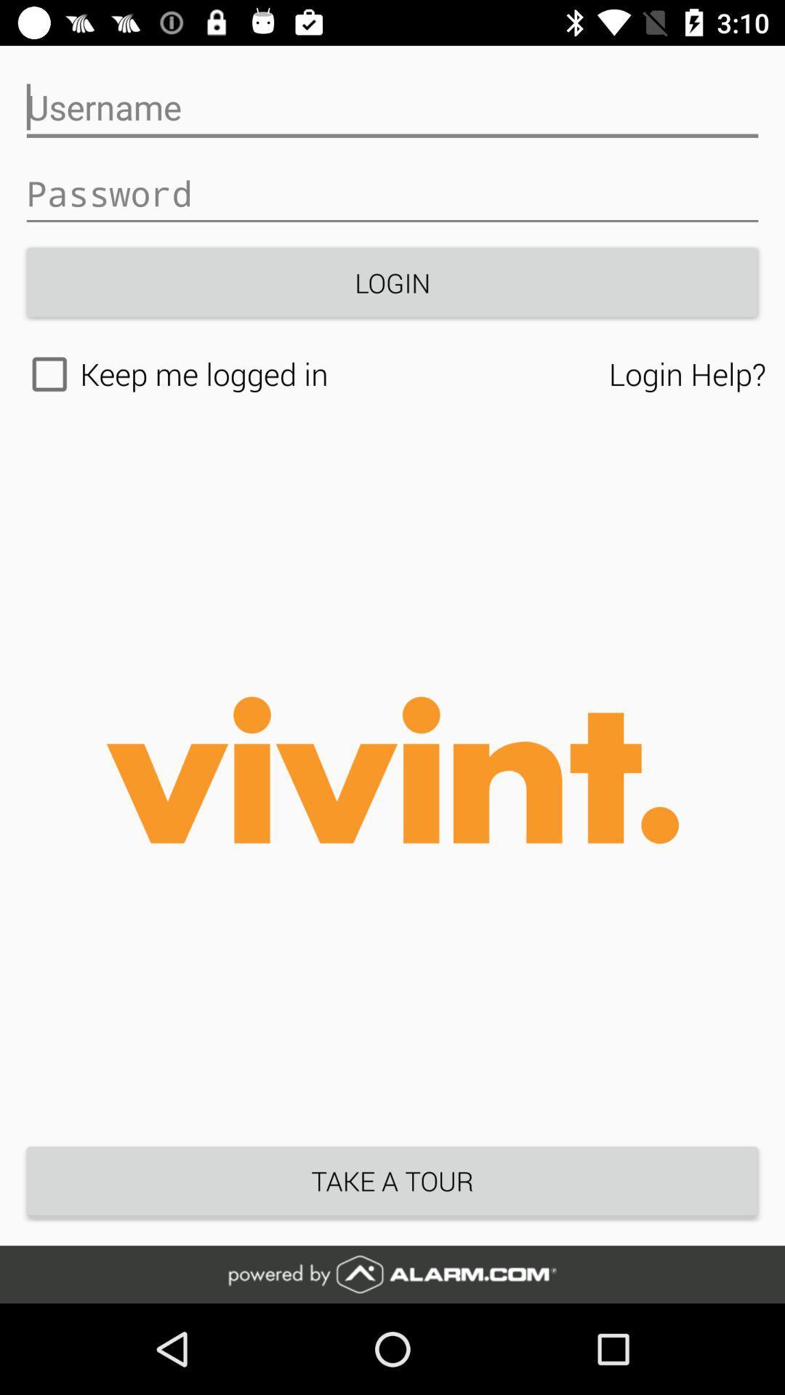  What do you see at coordinates (313, 374) in the screenshot?
I see `icon to the left of the login help? item` at bounding box center [313, 374].